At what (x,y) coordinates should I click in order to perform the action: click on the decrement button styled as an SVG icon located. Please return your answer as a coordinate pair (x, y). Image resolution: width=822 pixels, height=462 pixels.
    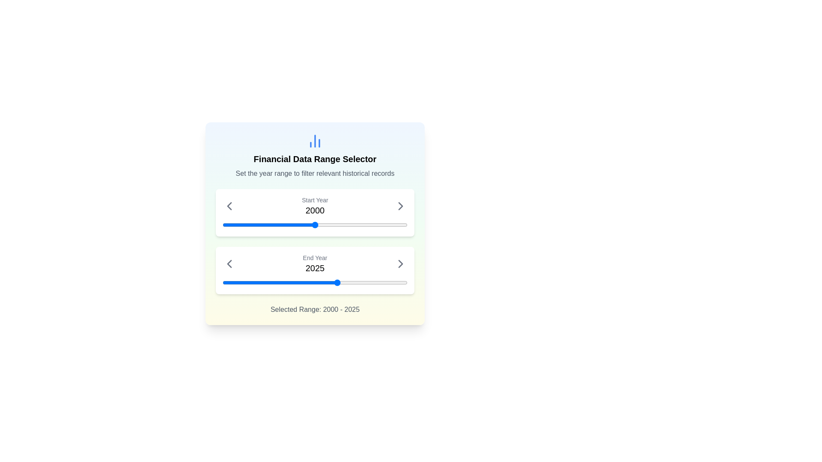
    Looking at the image, I should click on (229, 206).